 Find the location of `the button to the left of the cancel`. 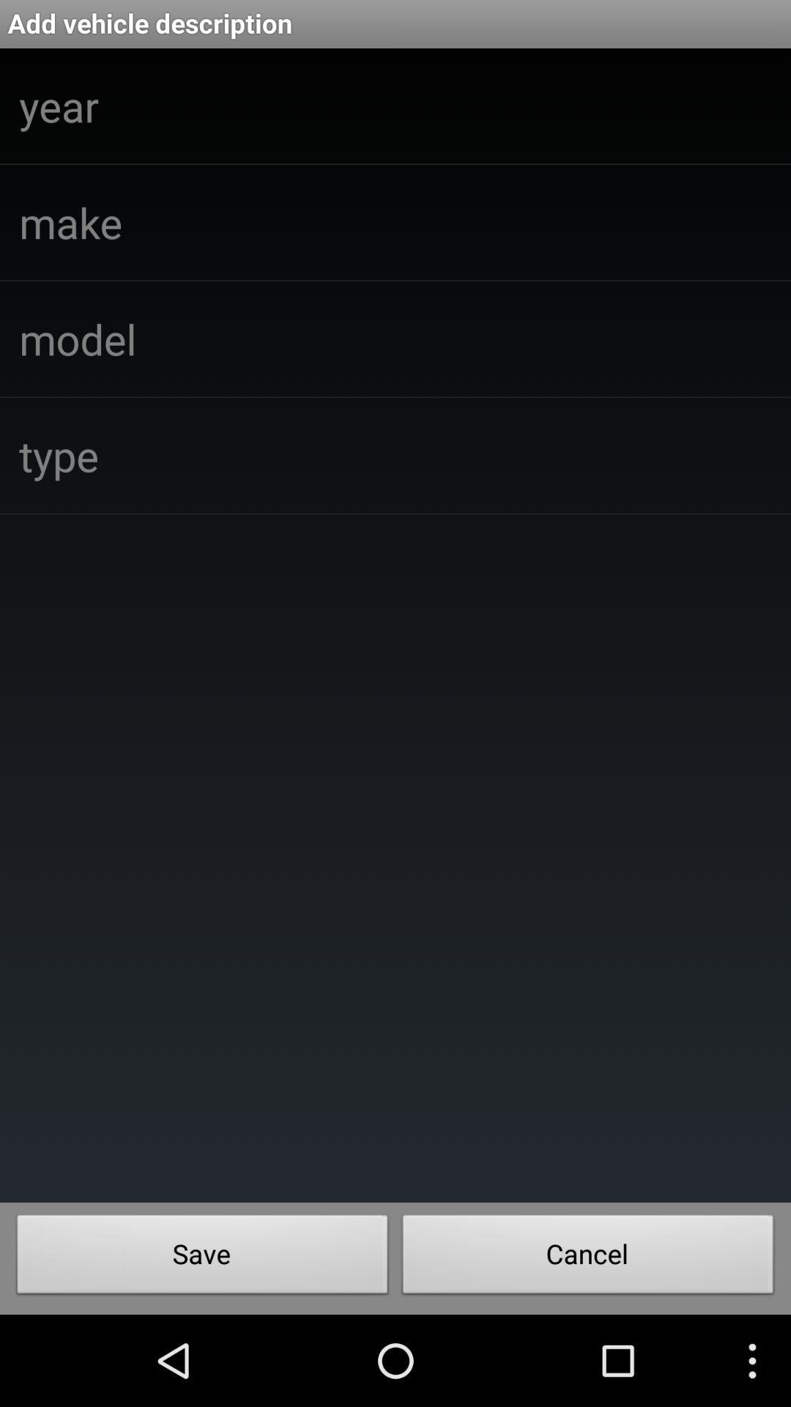

the button to the left of the cancel is located at coordinates (202, 1258).